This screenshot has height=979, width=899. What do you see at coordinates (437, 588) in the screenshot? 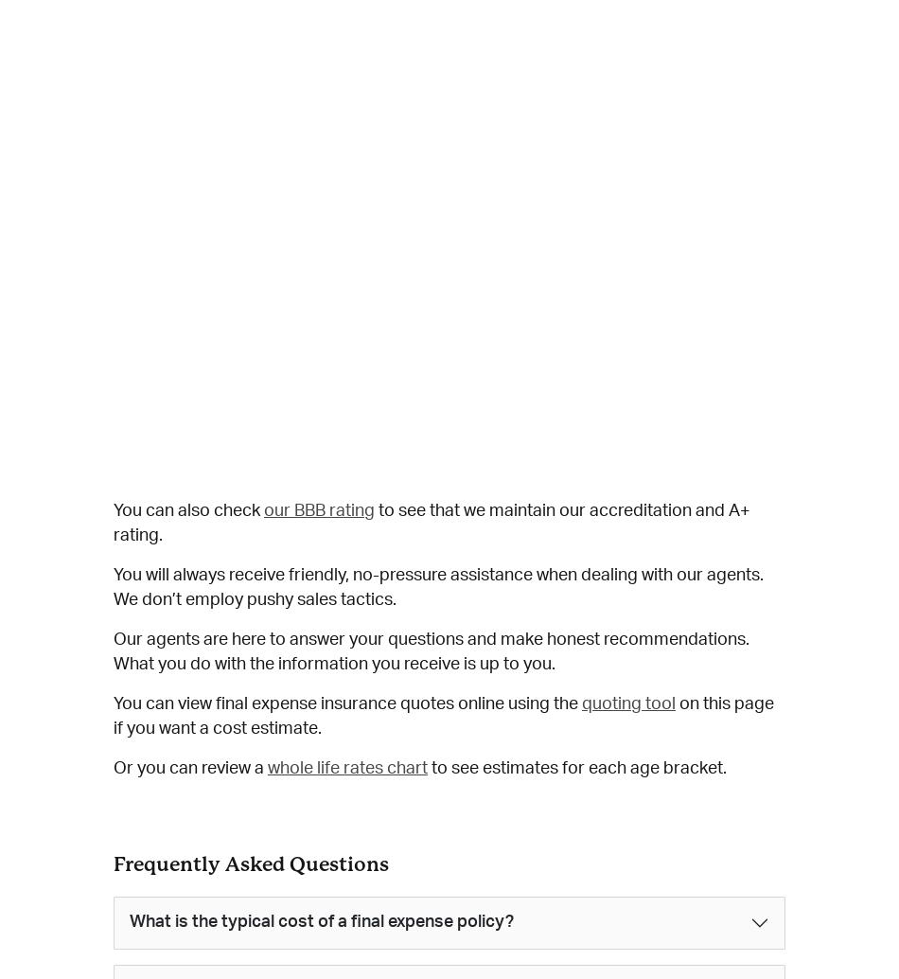
I see `'You will always receive friendly, no-pressure assistance when dealing with our agents. We don’t employ pushy sales tactics.'` at bounding box center [437, 588].